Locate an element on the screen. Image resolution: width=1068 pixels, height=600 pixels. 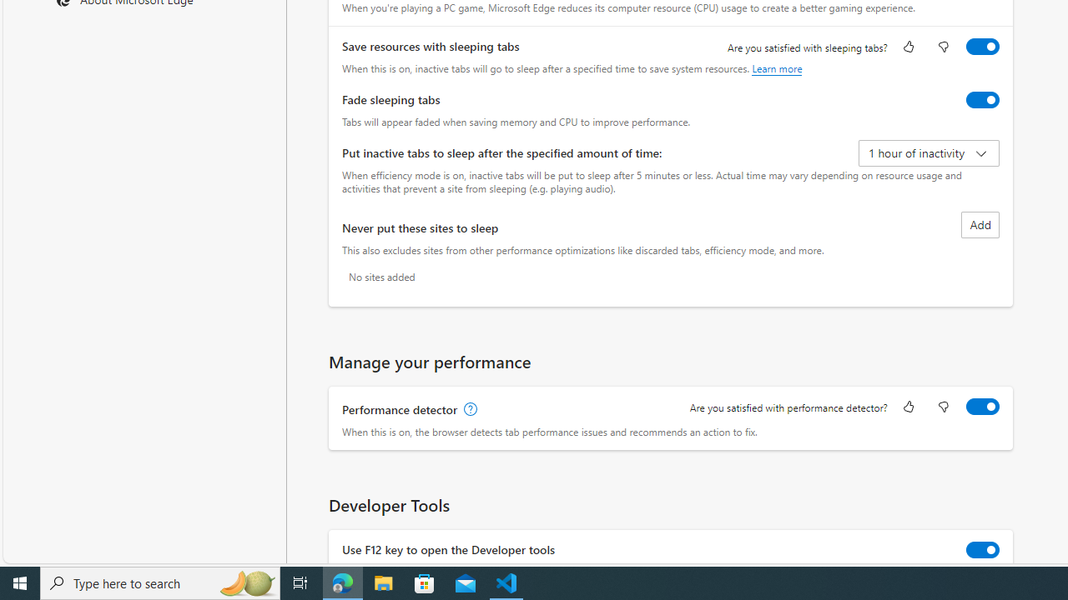
'Task View' is located at coordinates (300, 582).